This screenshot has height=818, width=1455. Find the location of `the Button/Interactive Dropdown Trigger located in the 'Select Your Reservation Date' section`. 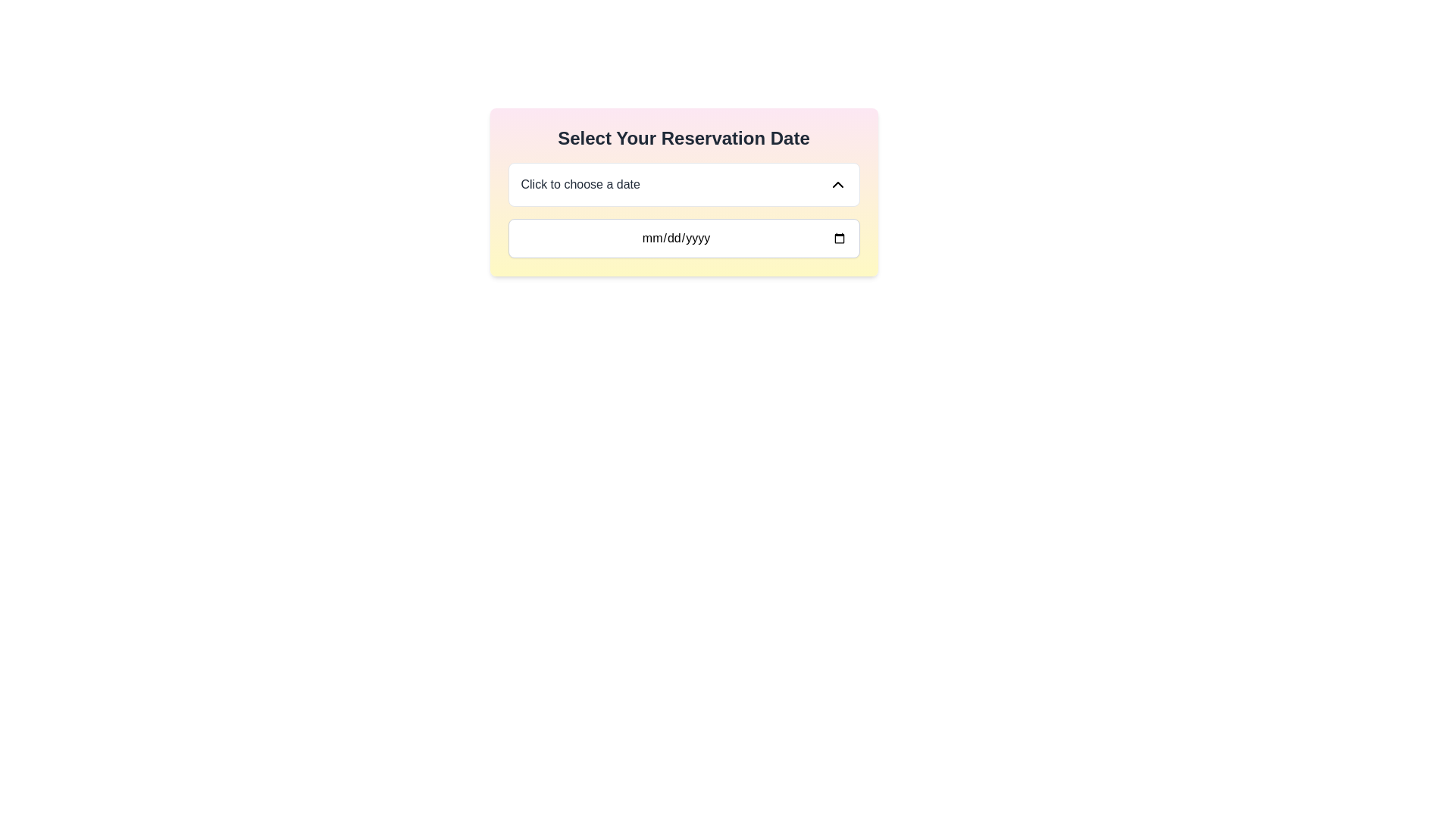

the Button/Interactive Dropdown Trigger located in the 'Select Your Reservation Date' section is located at coordinates (683, 183).